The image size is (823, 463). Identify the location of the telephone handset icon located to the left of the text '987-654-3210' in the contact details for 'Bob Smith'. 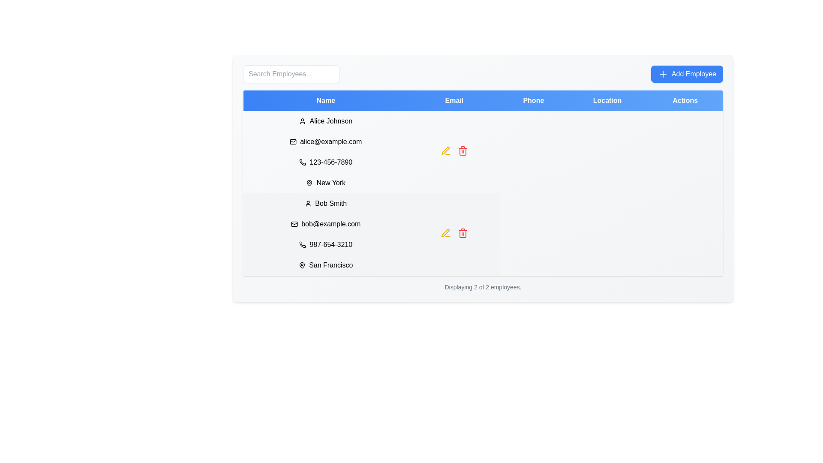
(303, 244).